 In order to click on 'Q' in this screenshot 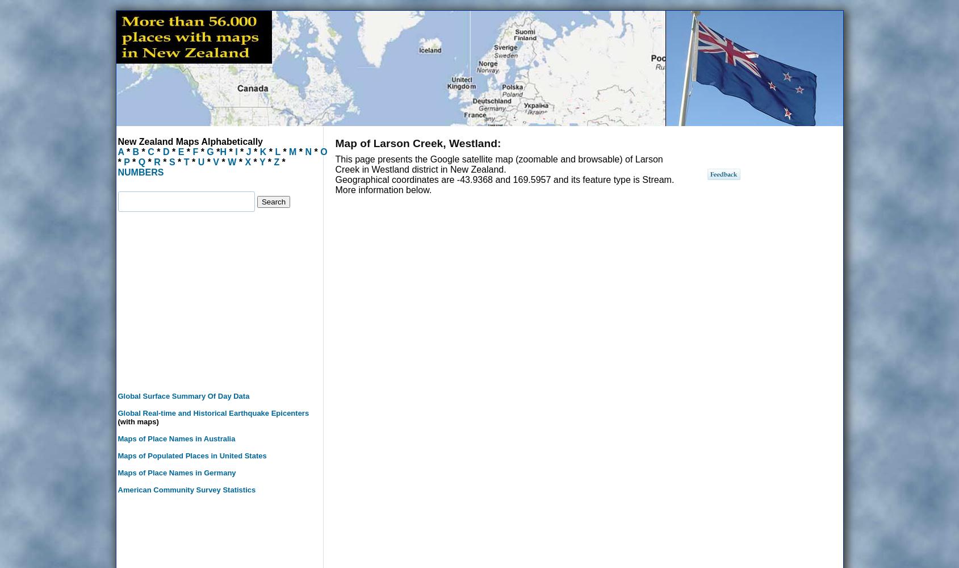, I will do `click(141, 162)`.